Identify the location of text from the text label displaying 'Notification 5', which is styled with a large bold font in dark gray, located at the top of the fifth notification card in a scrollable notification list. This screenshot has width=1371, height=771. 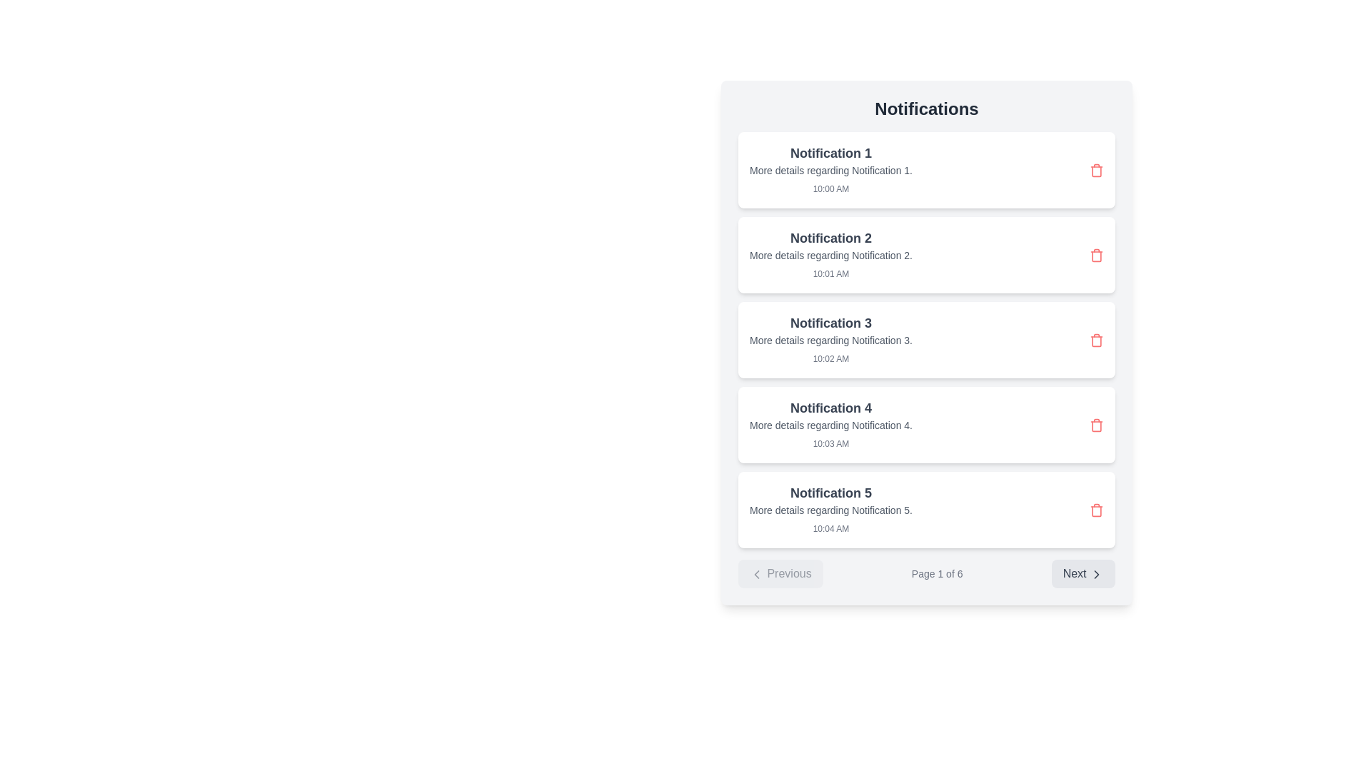
(831, 492).